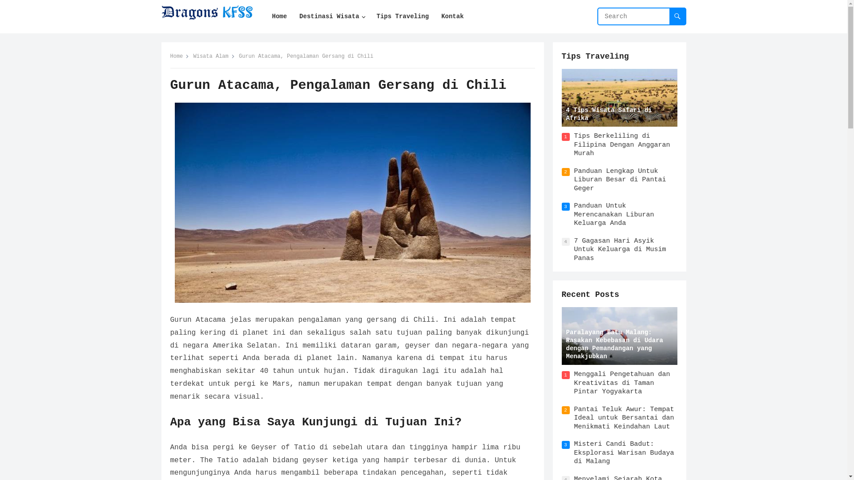  I want to click on 'Home', so click(179, 56).